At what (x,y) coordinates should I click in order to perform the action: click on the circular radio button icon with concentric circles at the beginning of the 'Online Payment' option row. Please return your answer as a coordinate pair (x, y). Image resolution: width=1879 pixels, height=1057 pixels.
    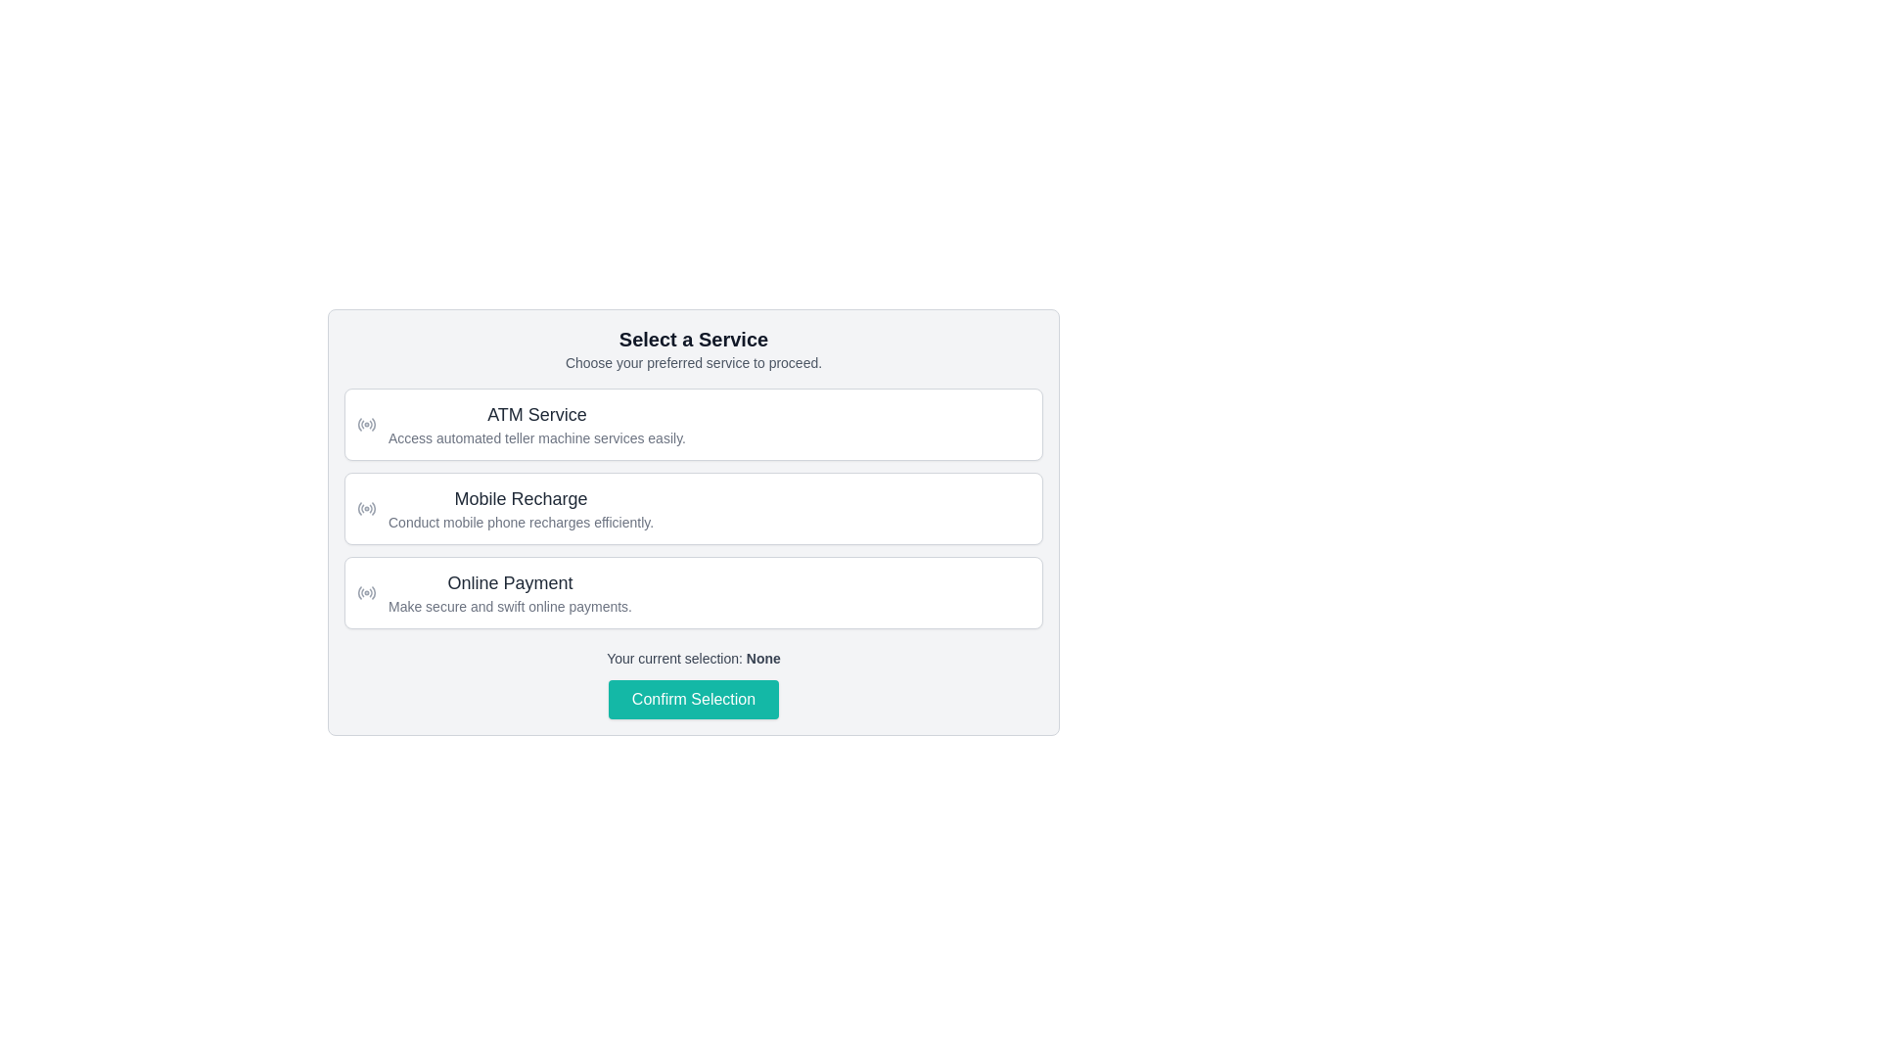
    Looking at the image, I should click on (366, 591).